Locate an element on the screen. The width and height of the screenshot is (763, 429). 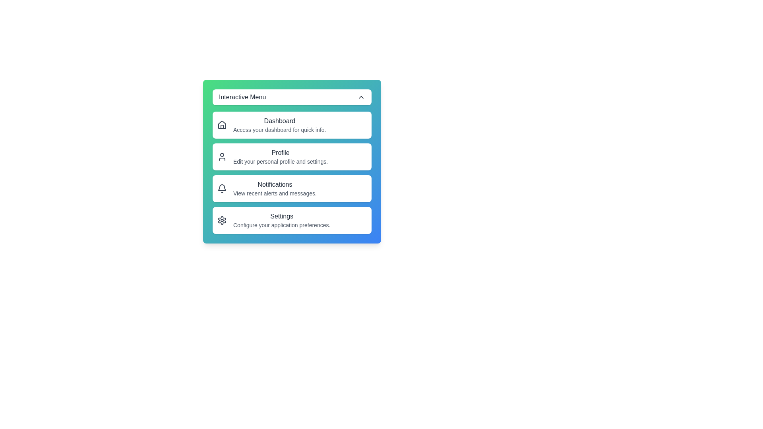
the menu item Notifications to view its details is located at coordinates (291, 188).